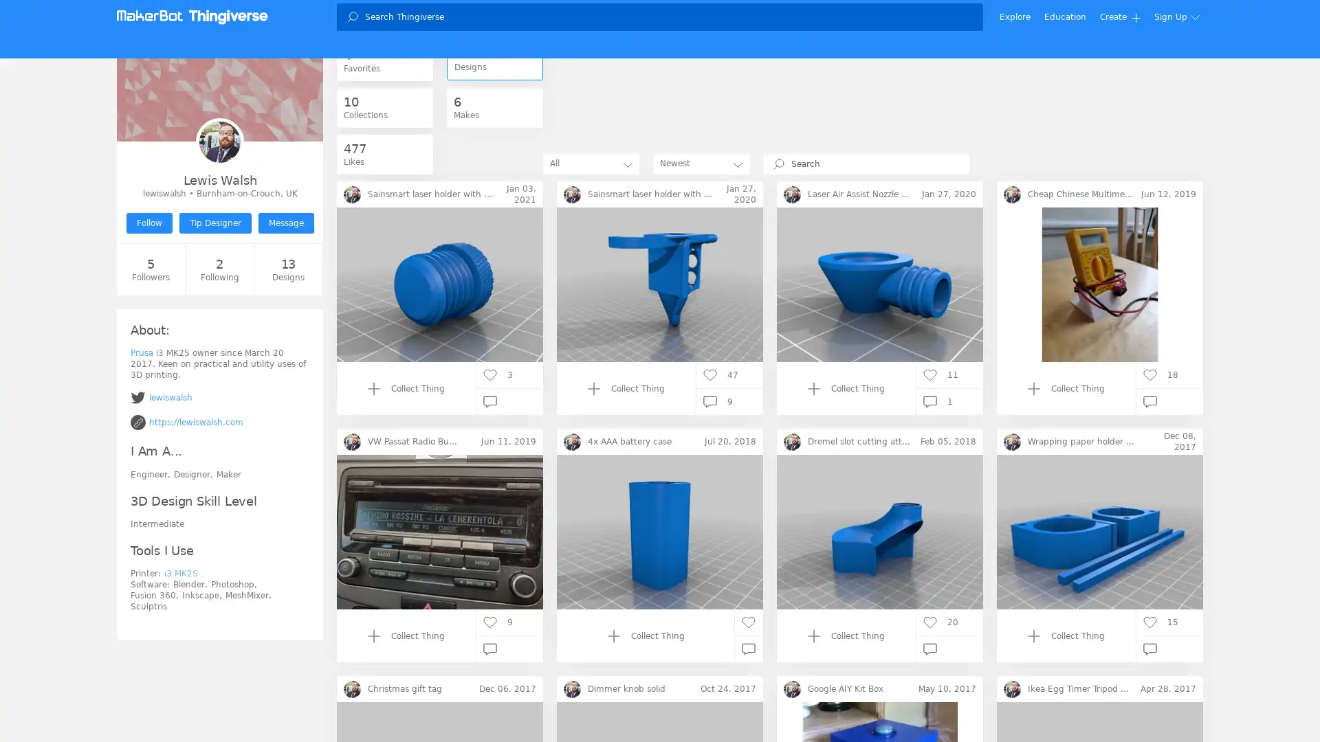 Image resolution: width=1320 pixels, height=742 pixels. What do you see at coordinates (591, 164) in the screenshot?
I see `All` at bounding box center [591, 164].